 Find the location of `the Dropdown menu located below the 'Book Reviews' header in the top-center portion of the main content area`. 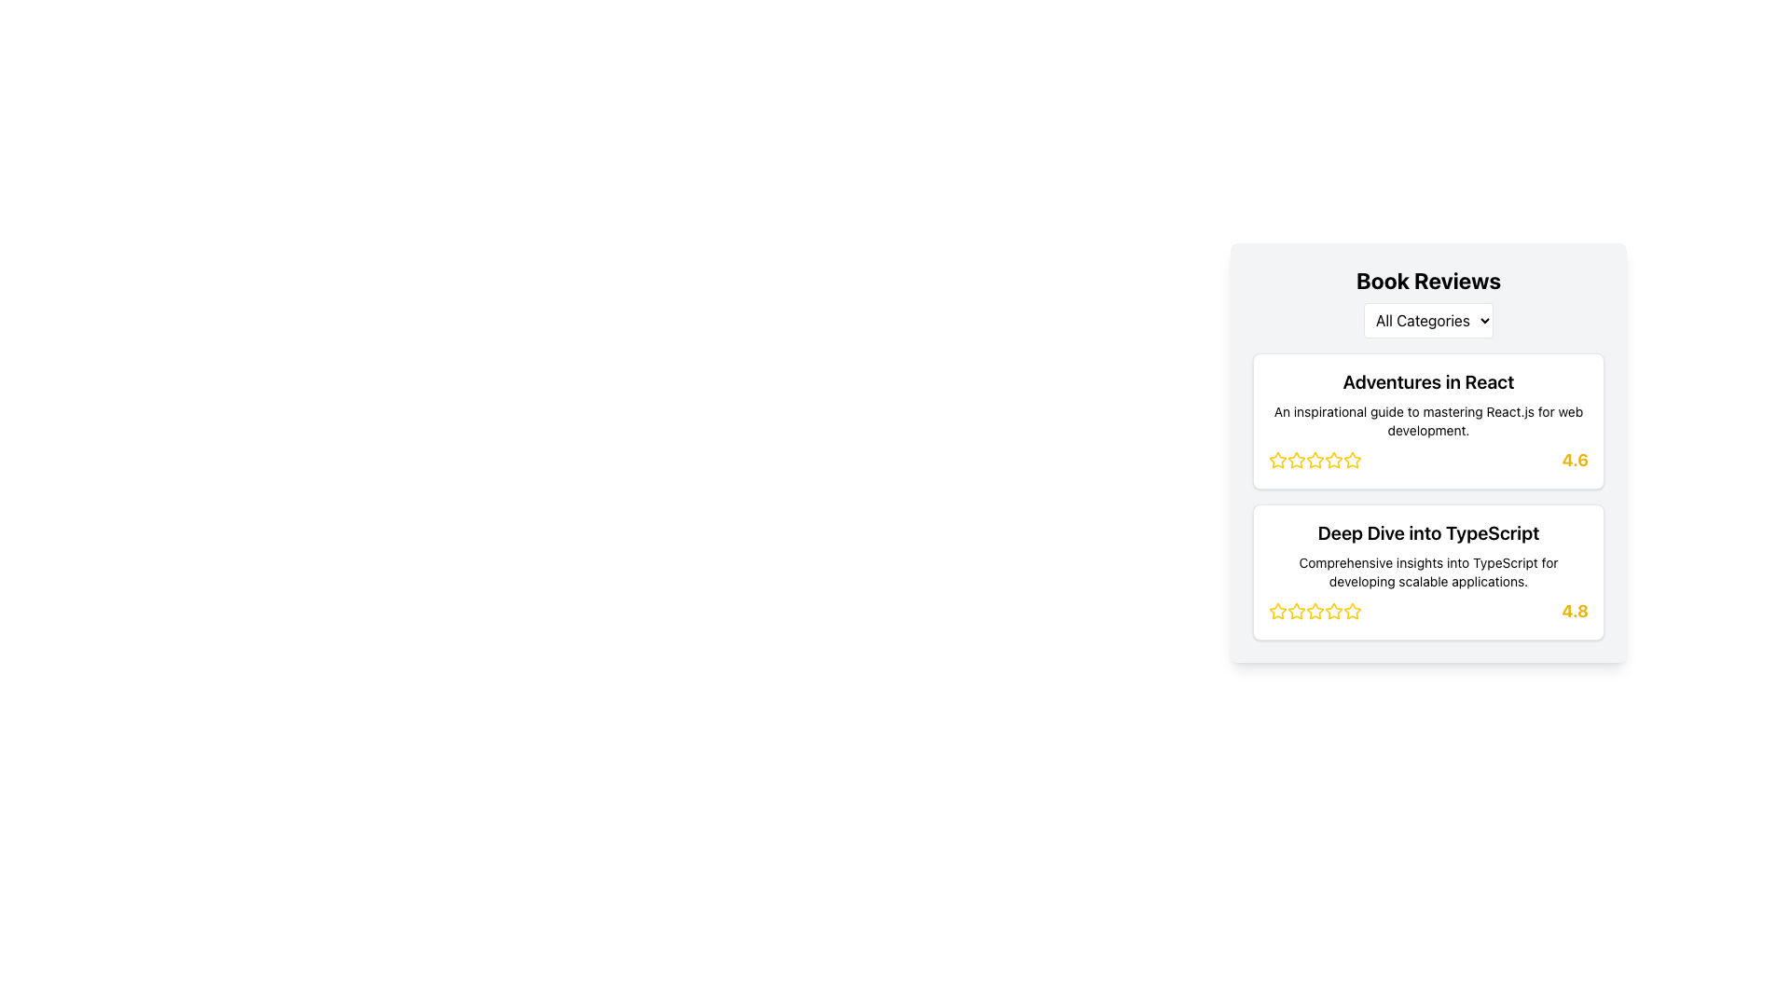

the Dropdown menu located below the 'Book Reviews' header in the top-center portion of the main content area is located at coordinates (1427, 319).